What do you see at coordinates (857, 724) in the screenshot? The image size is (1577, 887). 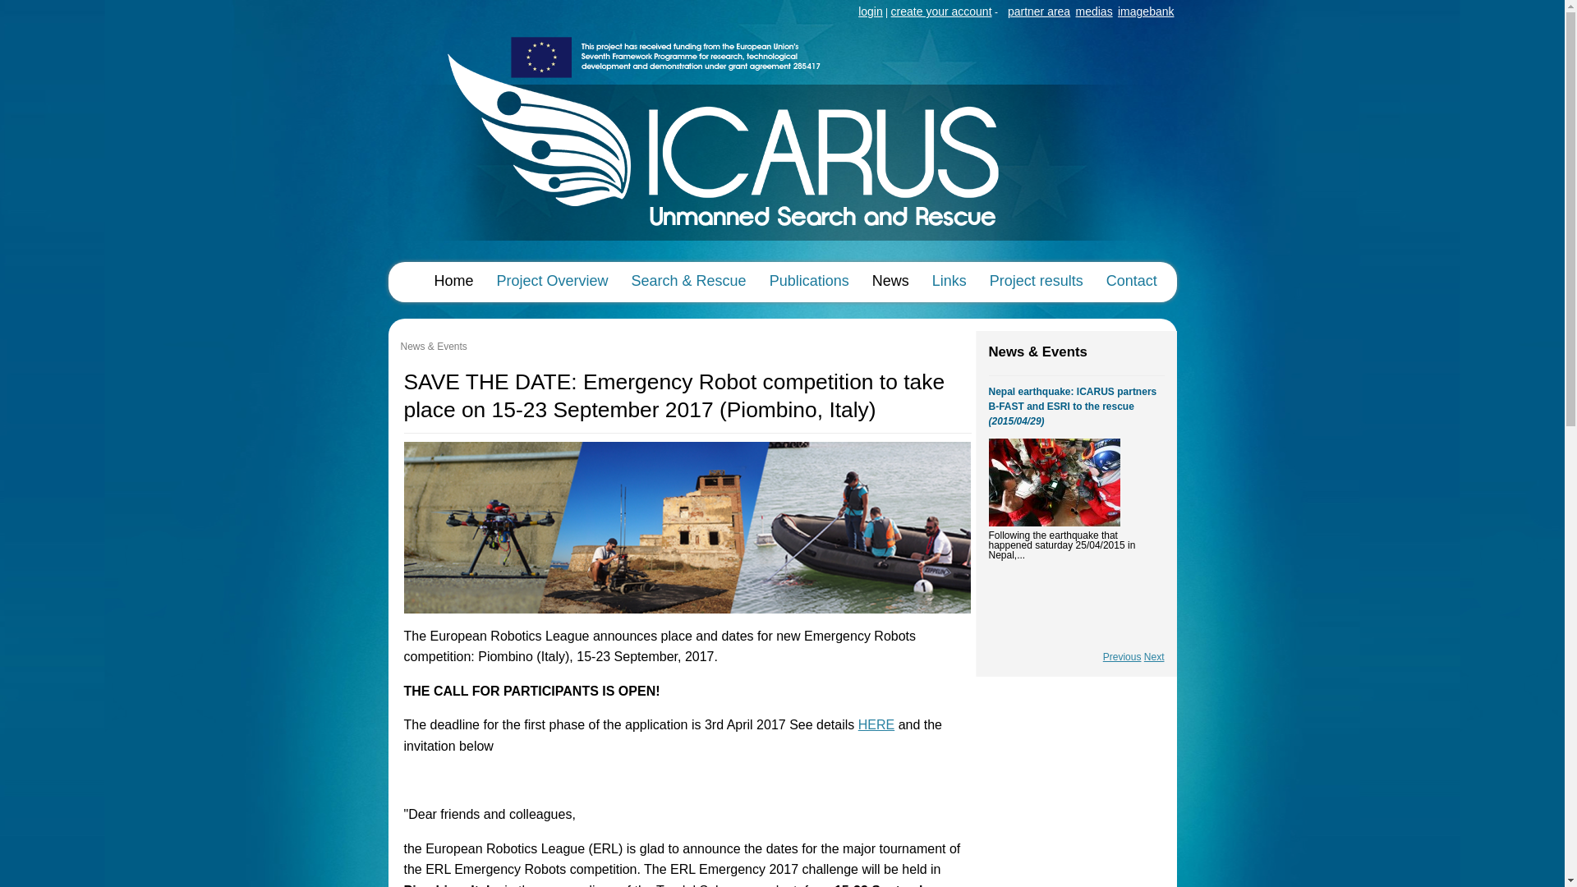 I see `'HERE'` at bounding box center [857, 724].